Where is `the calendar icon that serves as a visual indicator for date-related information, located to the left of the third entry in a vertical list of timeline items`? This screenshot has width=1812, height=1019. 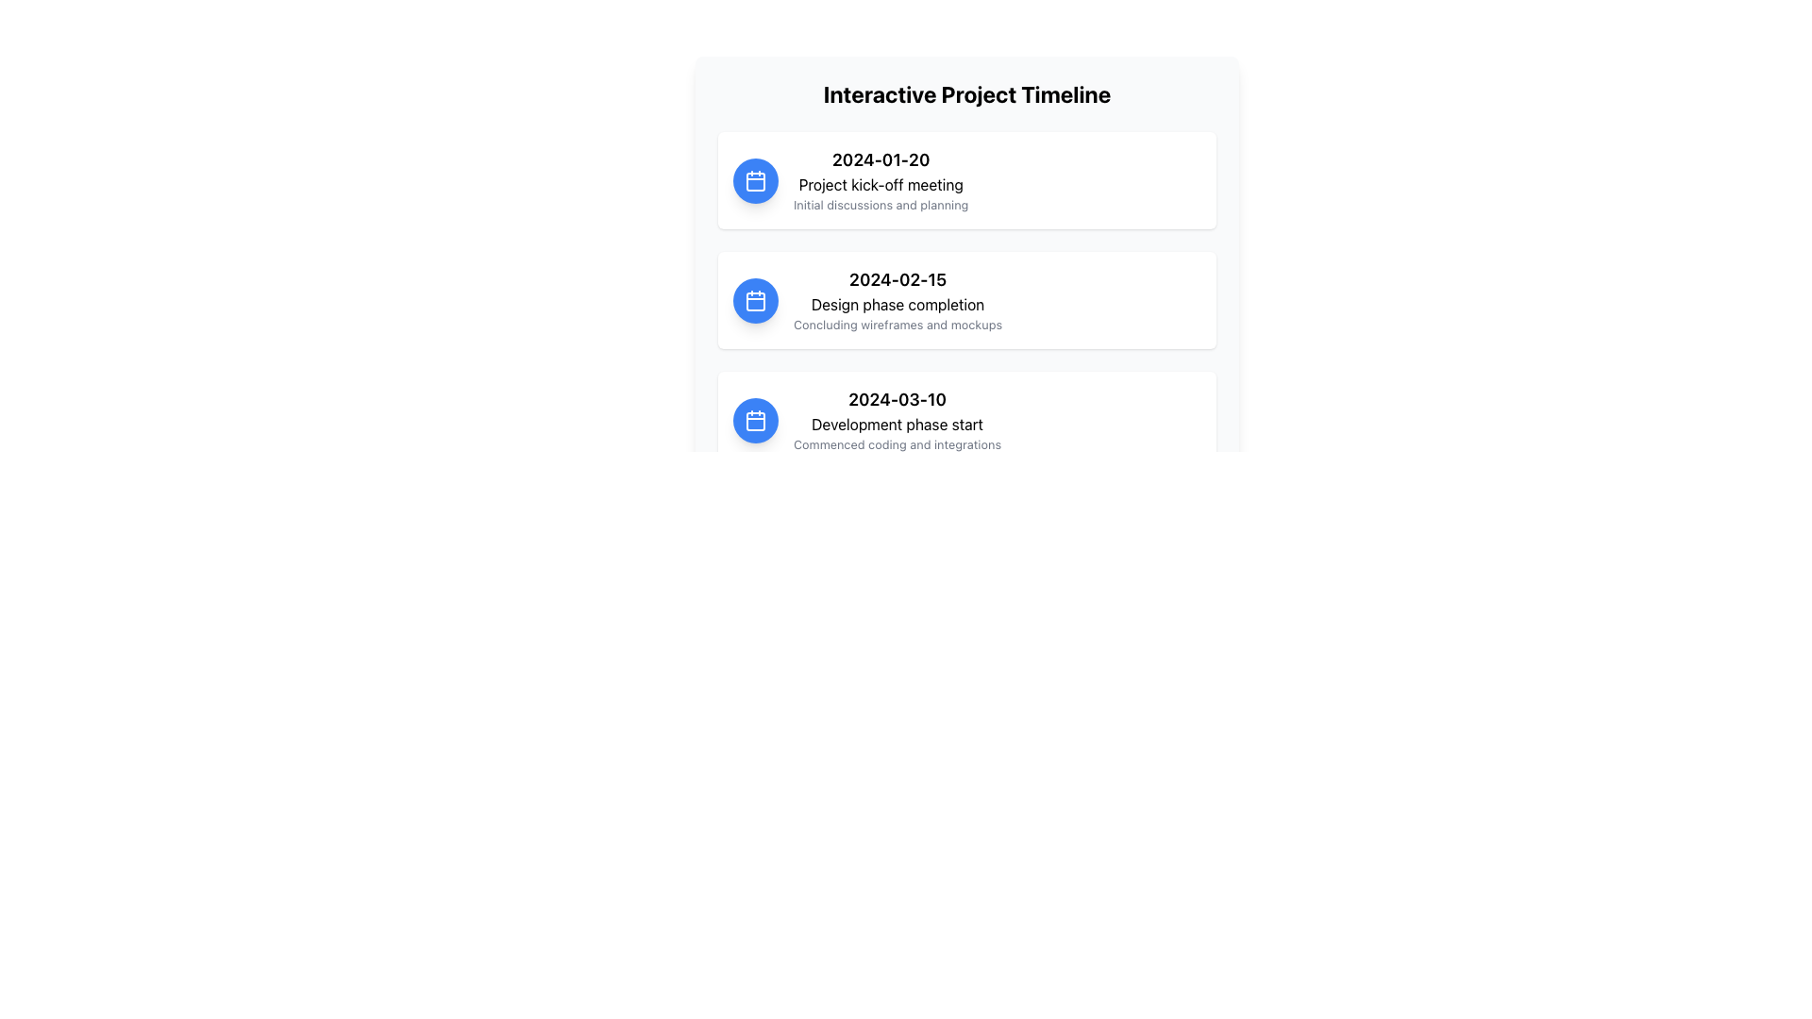 the calendar icon that serves as a visual indicator for date-related information, located to the left of the third entry in a vertical list of timeline items is located at coordinates (756, 418).